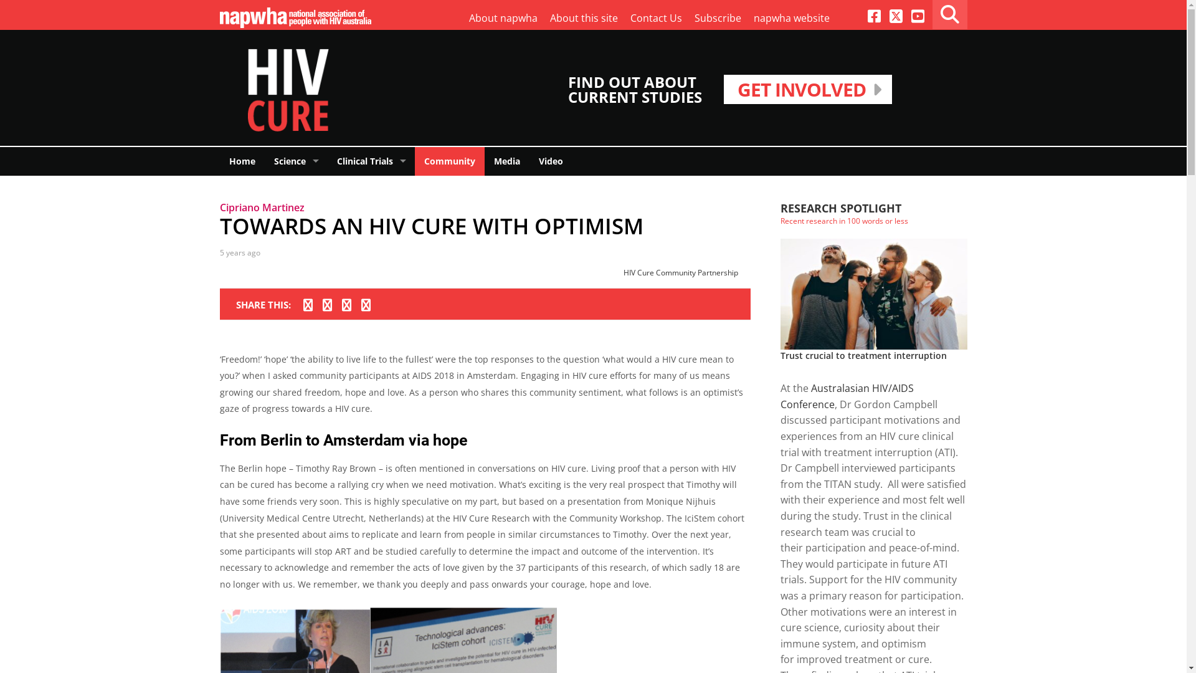 The height and width of the screenshot is (673, 1196). I want to click on 'About this site', so click(582, 19).